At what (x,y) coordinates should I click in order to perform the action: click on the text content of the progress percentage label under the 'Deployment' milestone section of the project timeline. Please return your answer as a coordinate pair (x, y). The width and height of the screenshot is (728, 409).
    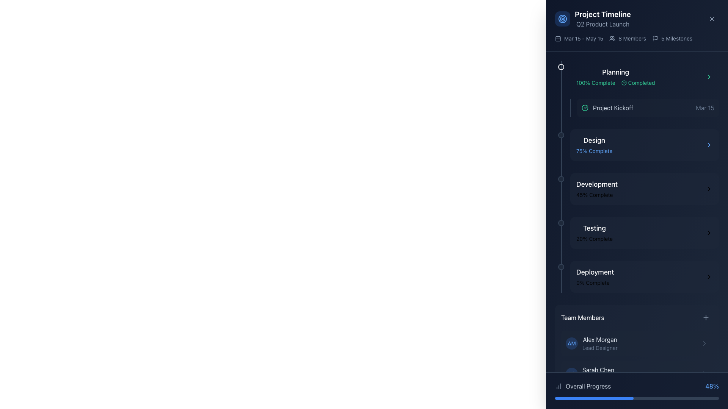
    Looking at the image, I should click on (592, 283).